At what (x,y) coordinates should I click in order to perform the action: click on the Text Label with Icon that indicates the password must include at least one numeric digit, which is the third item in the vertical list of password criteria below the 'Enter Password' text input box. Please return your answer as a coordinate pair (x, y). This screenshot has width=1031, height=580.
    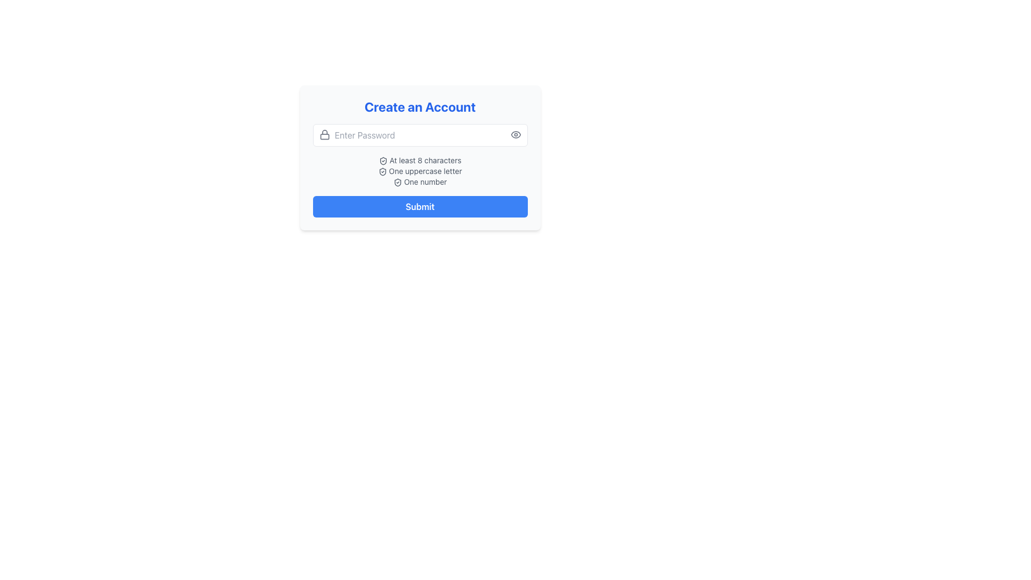
    Looking at the image, I should click on (419, 182).